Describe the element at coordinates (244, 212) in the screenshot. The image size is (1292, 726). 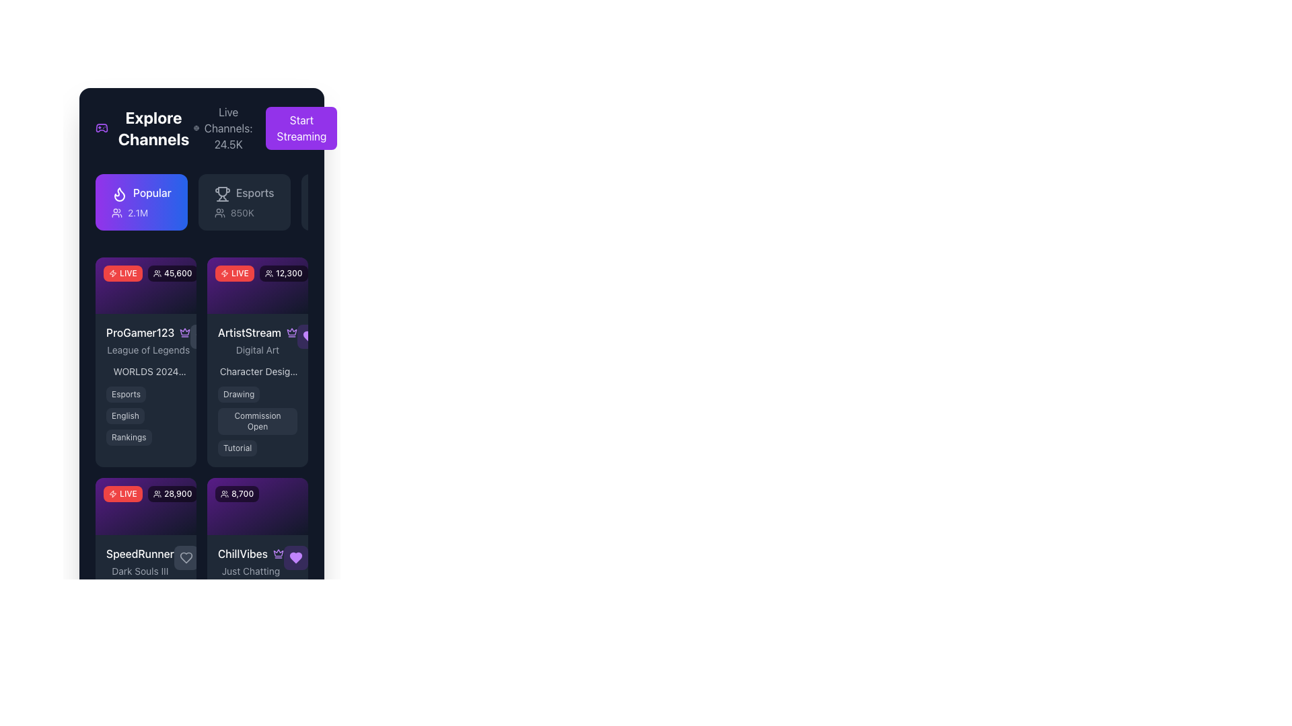
I see `the data displayed in the text label showing '850K', which is accompanied by an icon of a group of people, located below the 'Esports' title` at that location.